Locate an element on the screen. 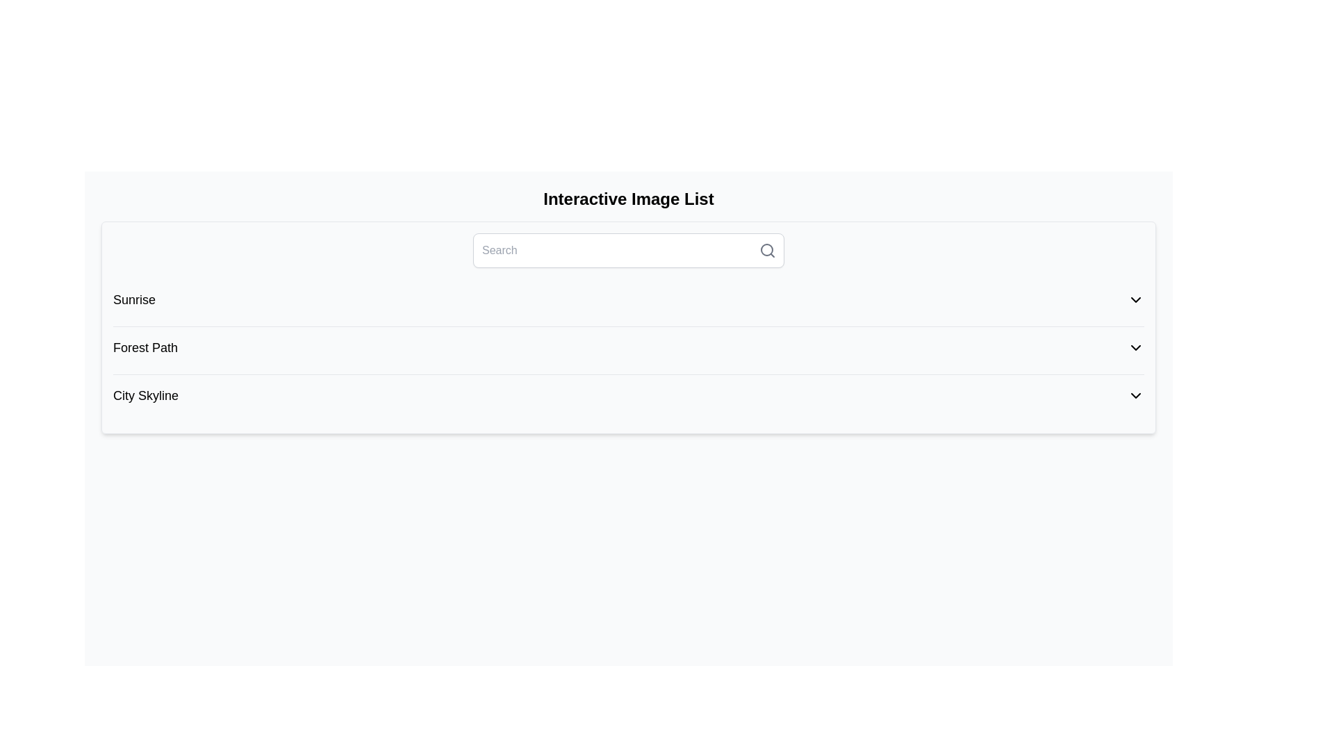 The height and width of the screenshot is (750, 1334). the gray magnifying glass search icon located on the right side of the search bar to trigger the tooltip or visual feedback is located at coordinates (766, 251).